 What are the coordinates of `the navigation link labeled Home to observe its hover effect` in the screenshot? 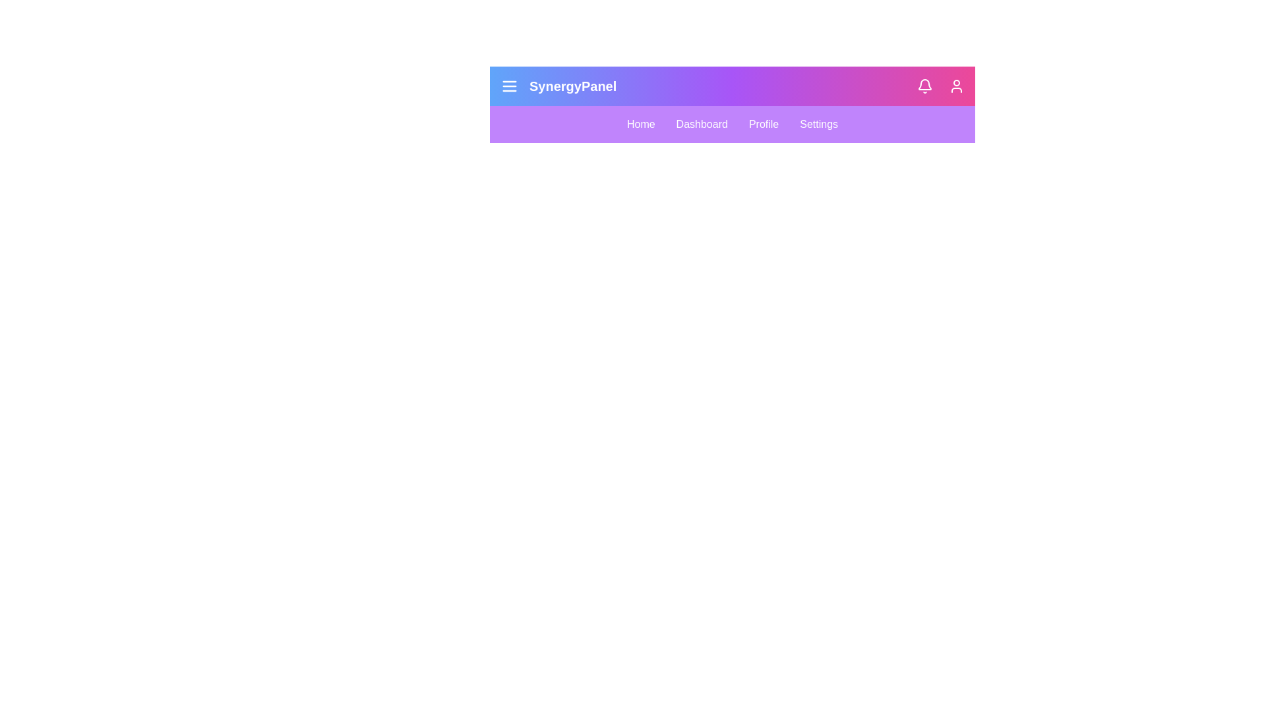 It's located at (640, 125).